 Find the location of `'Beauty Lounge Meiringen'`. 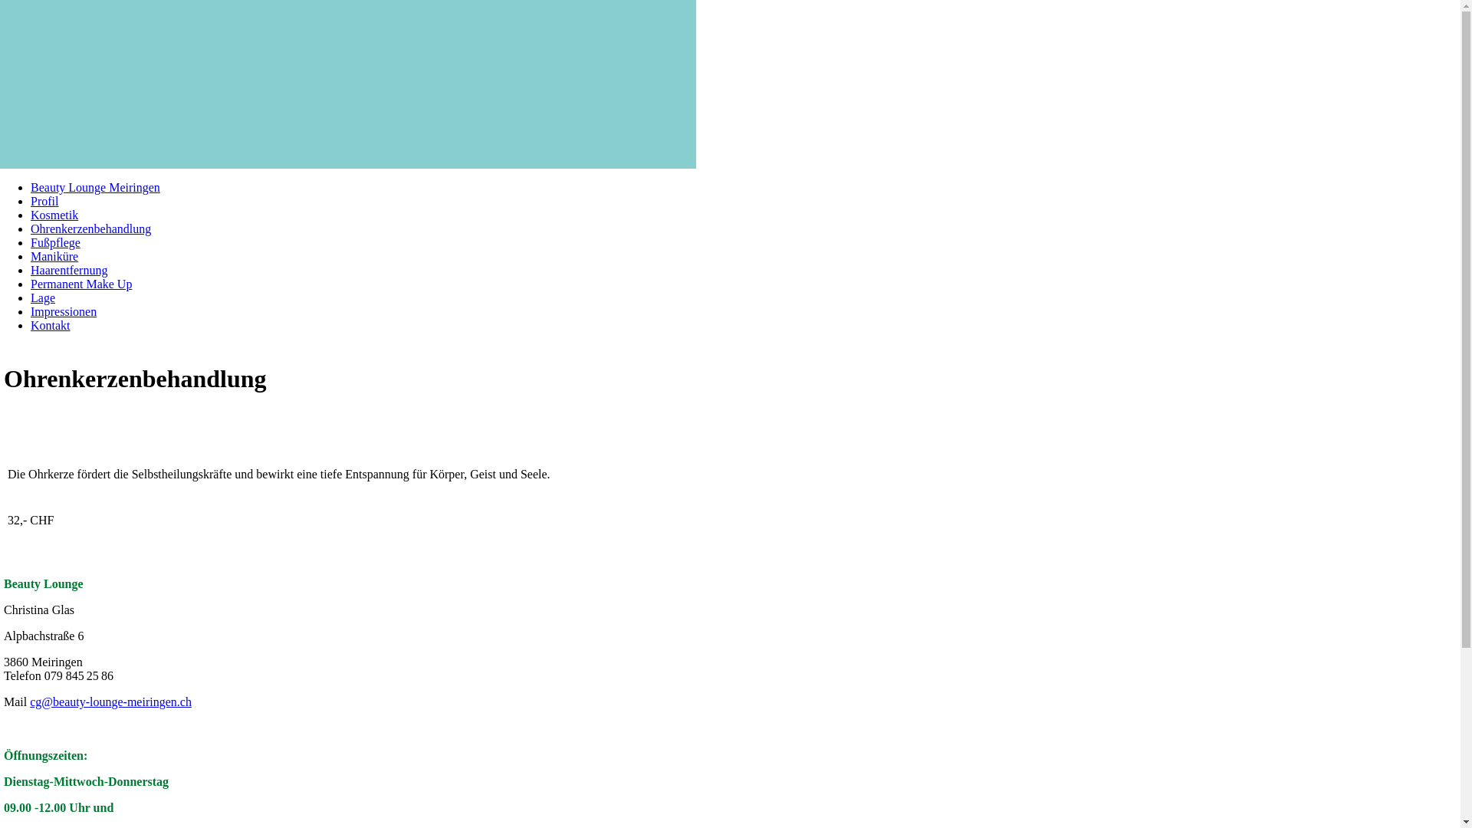

'Beauty Lounge Meiringen' is located at coordinates (30, 186).